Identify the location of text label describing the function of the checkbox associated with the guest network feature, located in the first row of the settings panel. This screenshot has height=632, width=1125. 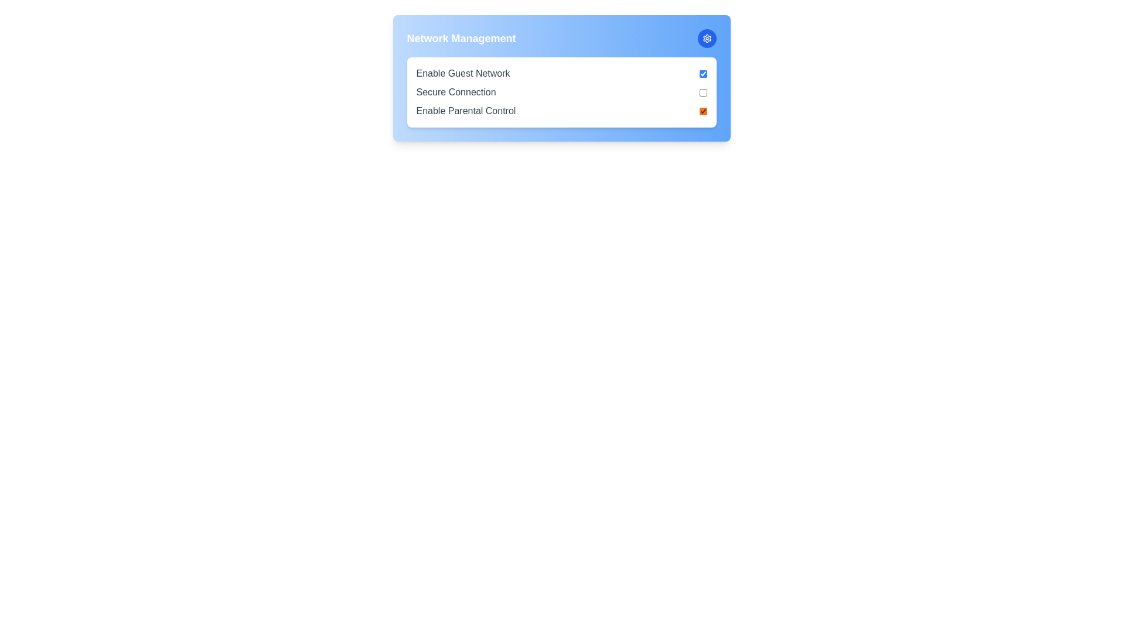
(462, 74).